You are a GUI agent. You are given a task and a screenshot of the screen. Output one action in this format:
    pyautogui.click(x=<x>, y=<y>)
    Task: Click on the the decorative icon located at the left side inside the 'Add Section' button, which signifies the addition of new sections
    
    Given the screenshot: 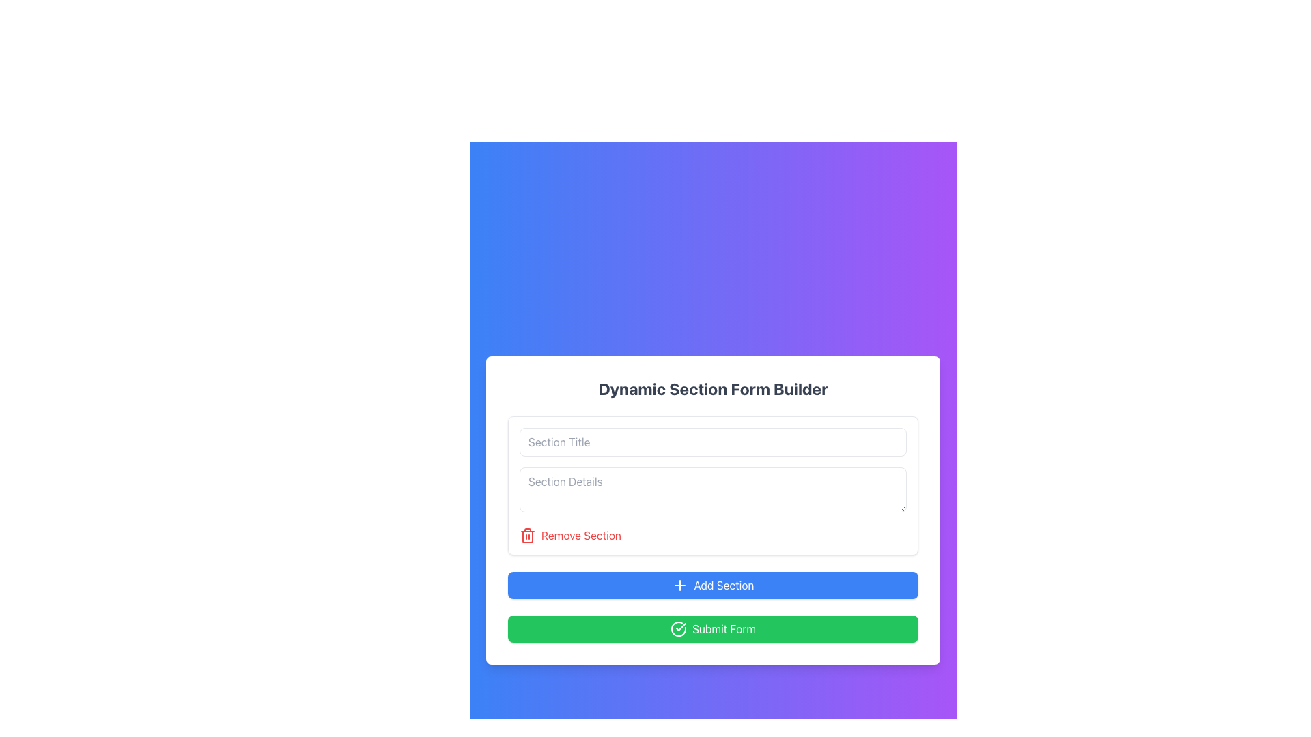 What is the action you would take?
    pyautogui.click(x=680, y=584)
    